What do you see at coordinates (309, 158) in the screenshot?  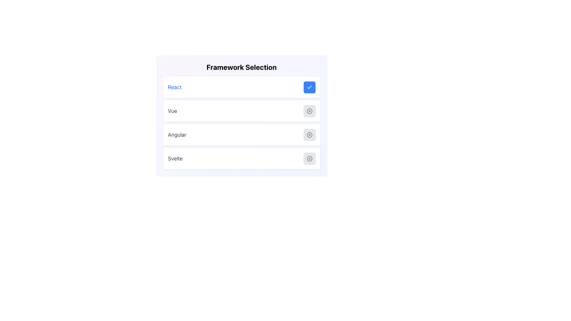 I see `the deselect Icon button located in the last row of the framework selection interface, immediately to the right of the 'Svelte' label` at bounding box center [309, 158].